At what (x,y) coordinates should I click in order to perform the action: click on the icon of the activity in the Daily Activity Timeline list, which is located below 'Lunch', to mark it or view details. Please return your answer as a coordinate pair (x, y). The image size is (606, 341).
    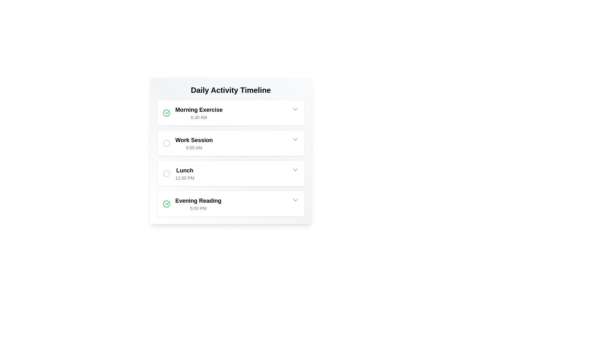
    Looking at the image, I should click on (192, 204).